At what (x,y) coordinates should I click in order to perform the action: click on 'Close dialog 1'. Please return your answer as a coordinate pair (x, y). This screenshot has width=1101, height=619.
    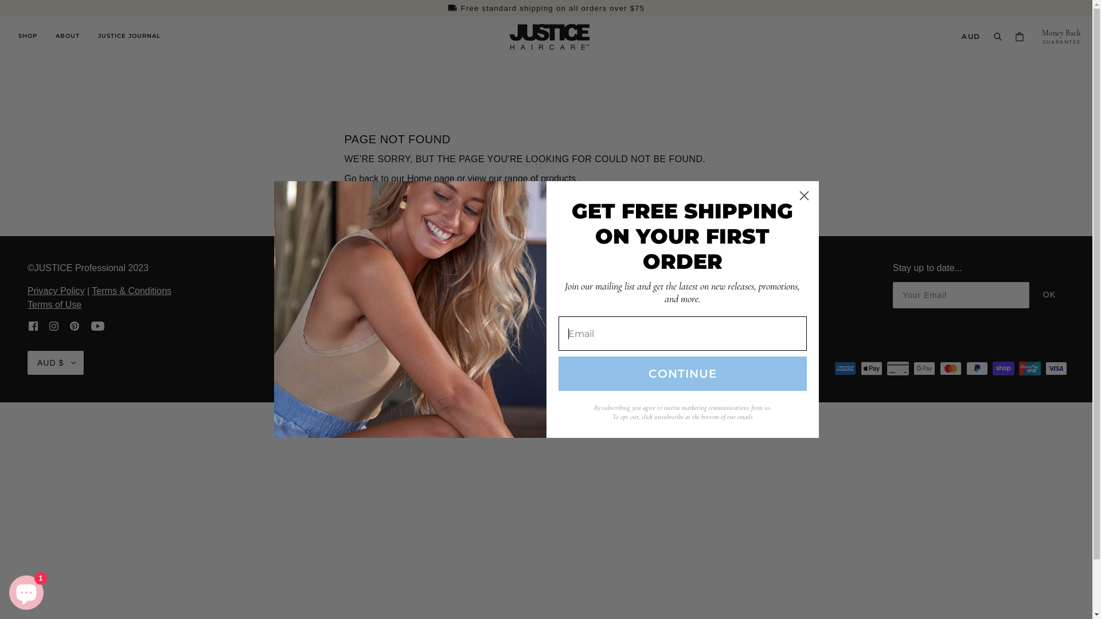
    Looking at the image, I should click on (803, 195).